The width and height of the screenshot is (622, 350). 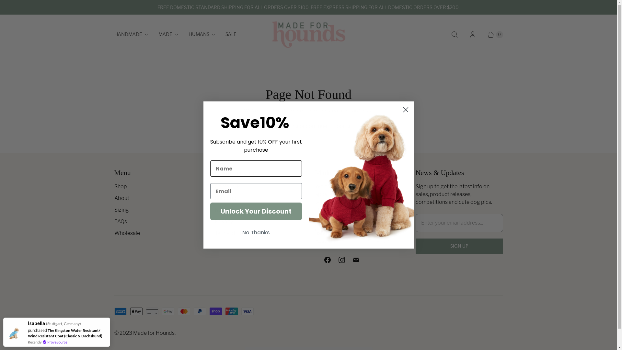 What do you see at coordinates (121, 210) in the screenshot?
I see `'Sizing'` at bounding box center [121, 210].